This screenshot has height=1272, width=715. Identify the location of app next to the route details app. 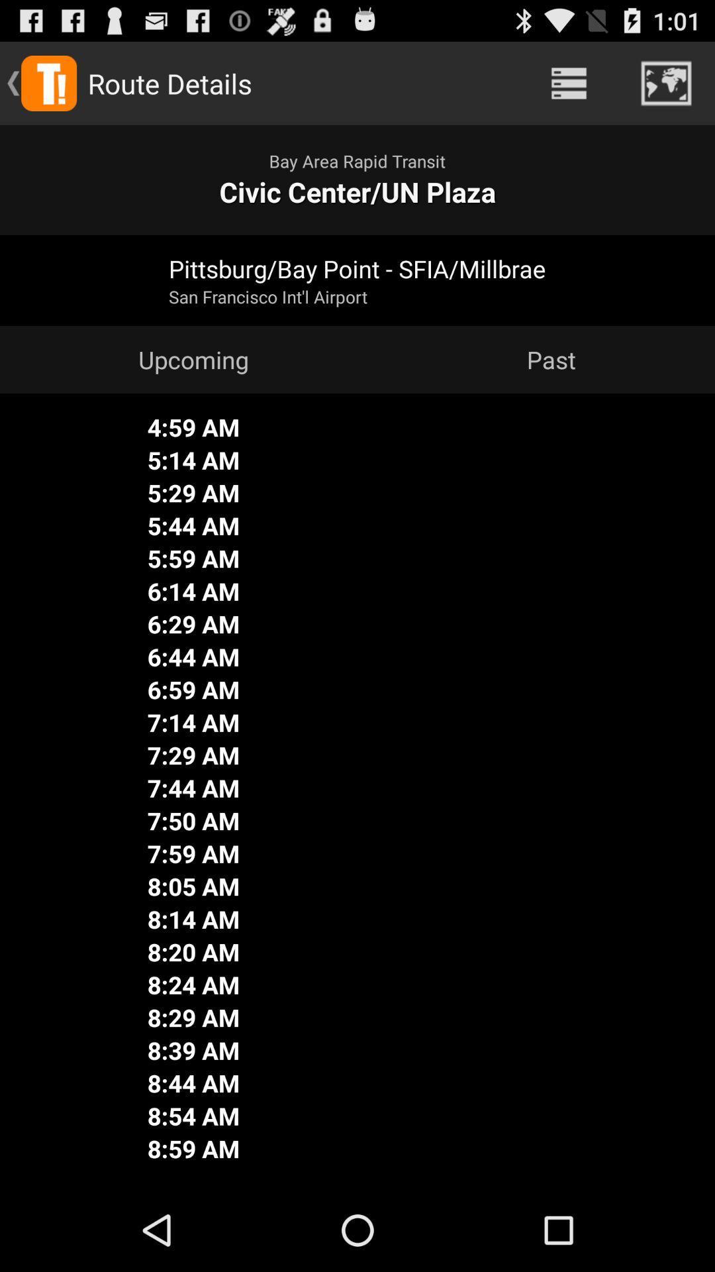
(568, 82).